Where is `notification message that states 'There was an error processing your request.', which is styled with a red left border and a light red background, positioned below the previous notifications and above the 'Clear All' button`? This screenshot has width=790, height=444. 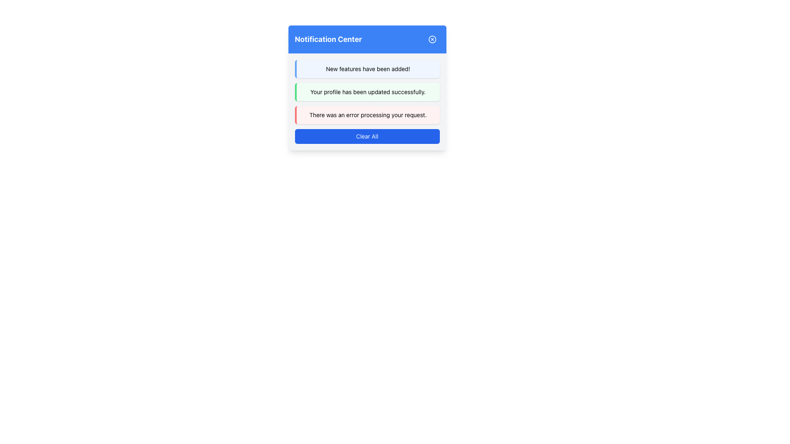
notification message that states 'There was an error processing your request.', which is styled with a red left border and a light red background, positioned below the previous notifications and above the 'Clear All' button is located at coordinates (367, 115).